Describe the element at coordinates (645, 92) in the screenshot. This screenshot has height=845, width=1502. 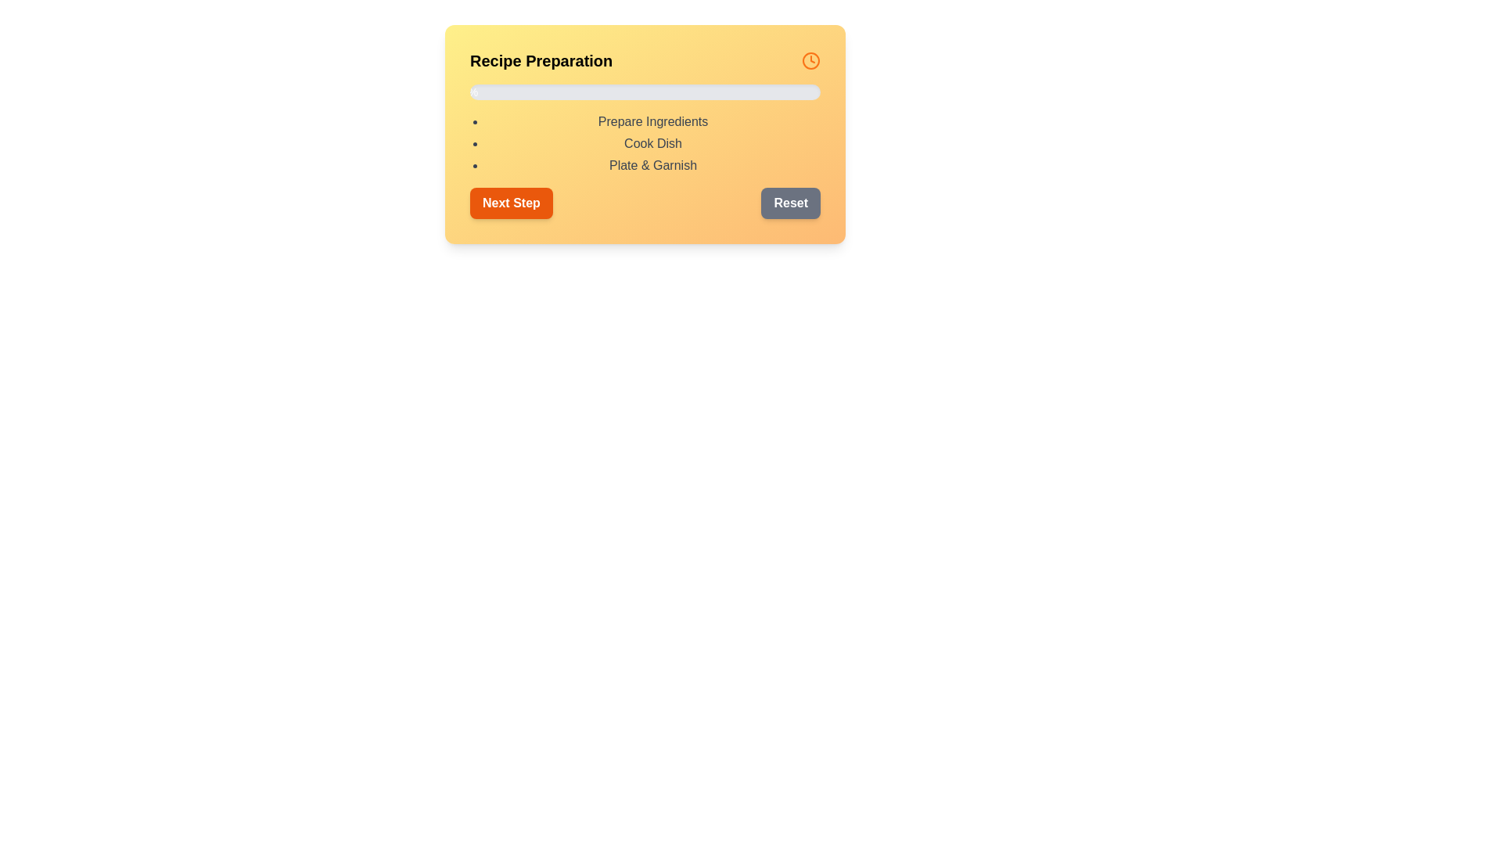
I see `the horizontal progress bar indicating 0% progress, located below the 'Recipe Preparation' heading` at that location.